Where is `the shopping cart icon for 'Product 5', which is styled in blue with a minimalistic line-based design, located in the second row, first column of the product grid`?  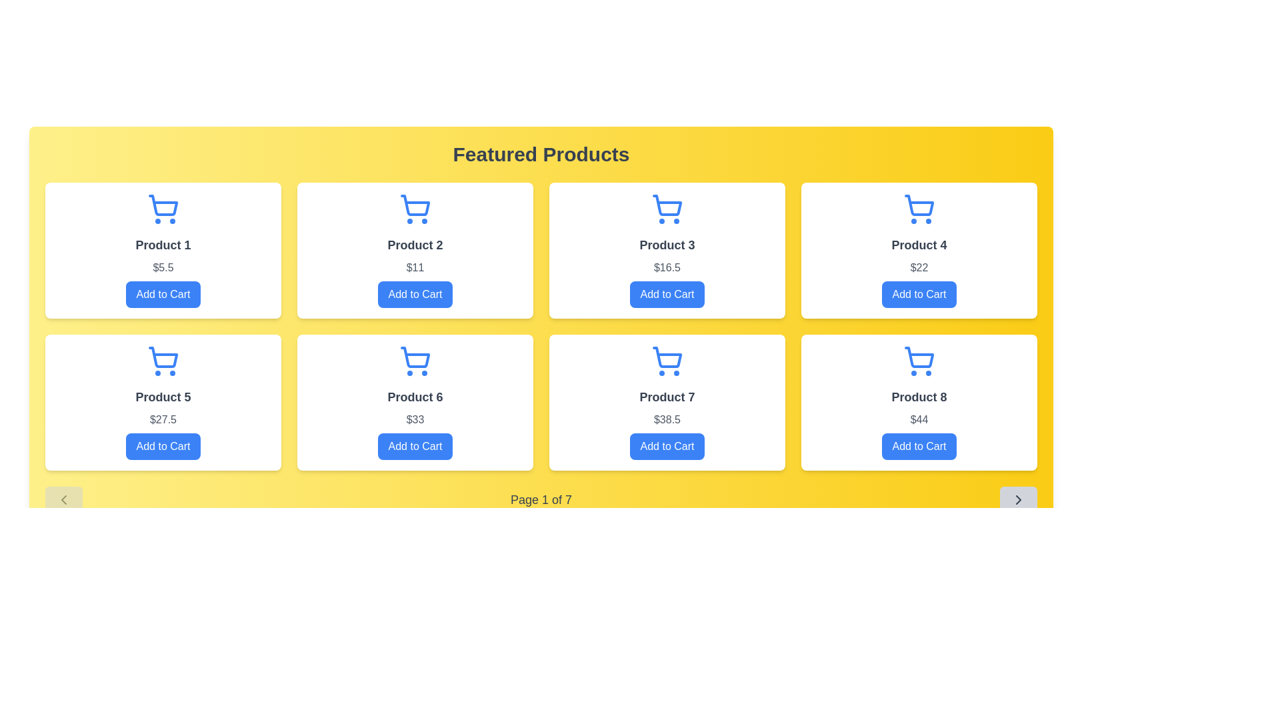 the shopping cart icon for 'Product 5', which is styled in blue with a minimalistic line-based design, located in the second row, first column of the product grid is located at coordinates (163, 357).